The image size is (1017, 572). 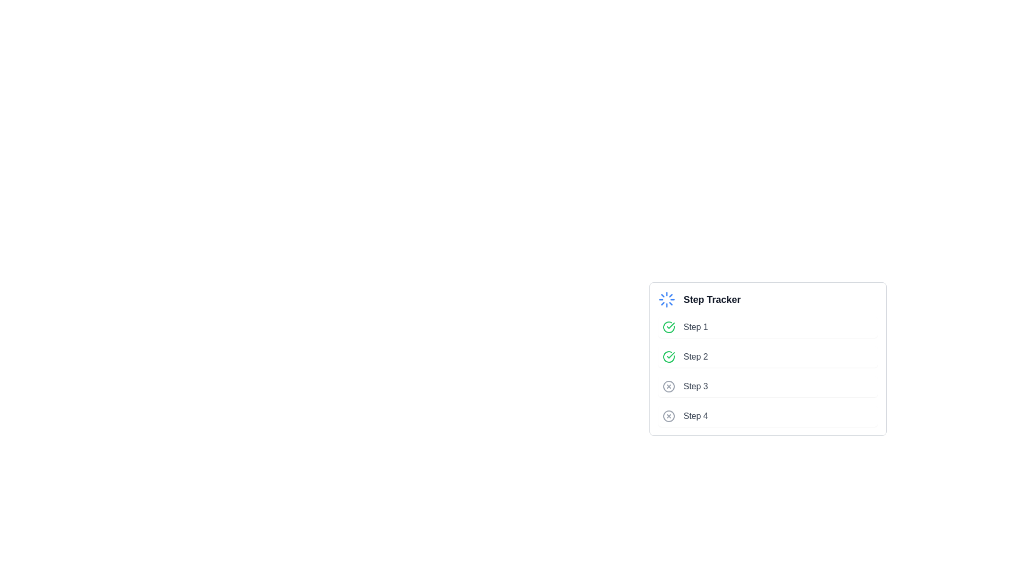 I want to click on the Text label displaying 'Step 4', which is styled with medium font weight and grey color, located in a multi-step tracker next to a circular icon indicating step status, so click(x=695, y=416).